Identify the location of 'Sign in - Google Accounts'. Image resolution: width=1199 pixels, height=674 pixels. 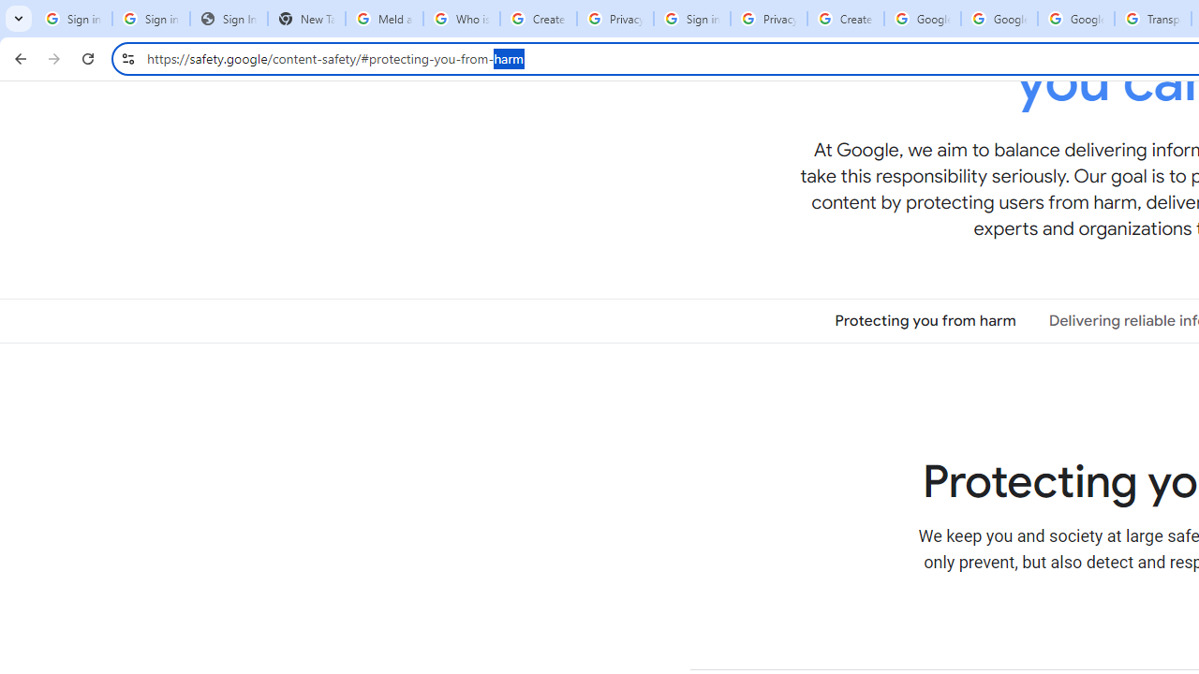
(690, 19).